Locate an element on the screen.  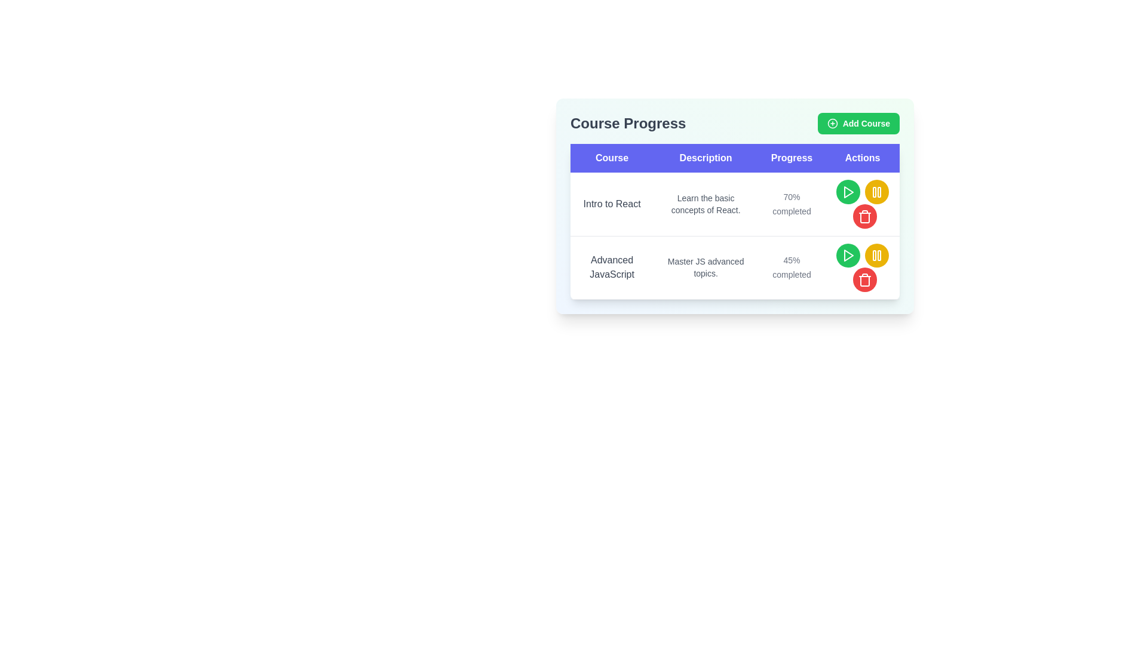
the 'add' icon within the 'Add Course' button located at the top-right corner of the 'Course Progress' section is located at coordinates (832, 124).